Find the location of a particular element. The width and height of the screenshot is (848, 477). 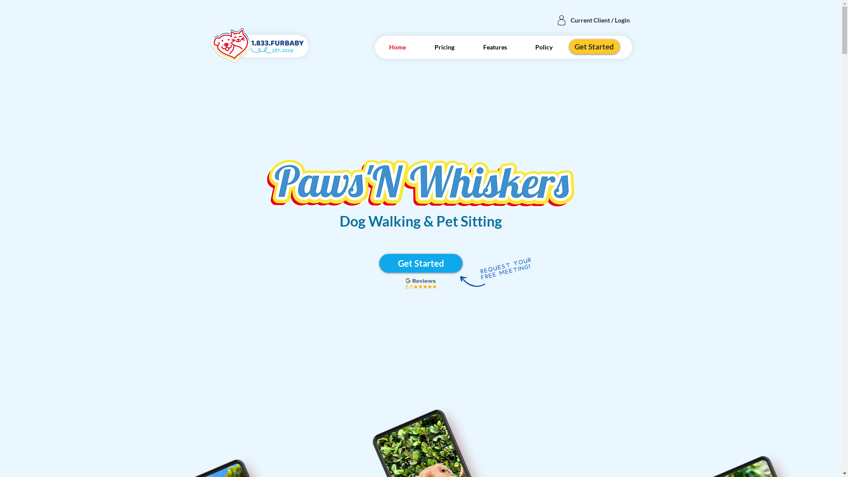

'Home' is located at coordinates (375, 47).